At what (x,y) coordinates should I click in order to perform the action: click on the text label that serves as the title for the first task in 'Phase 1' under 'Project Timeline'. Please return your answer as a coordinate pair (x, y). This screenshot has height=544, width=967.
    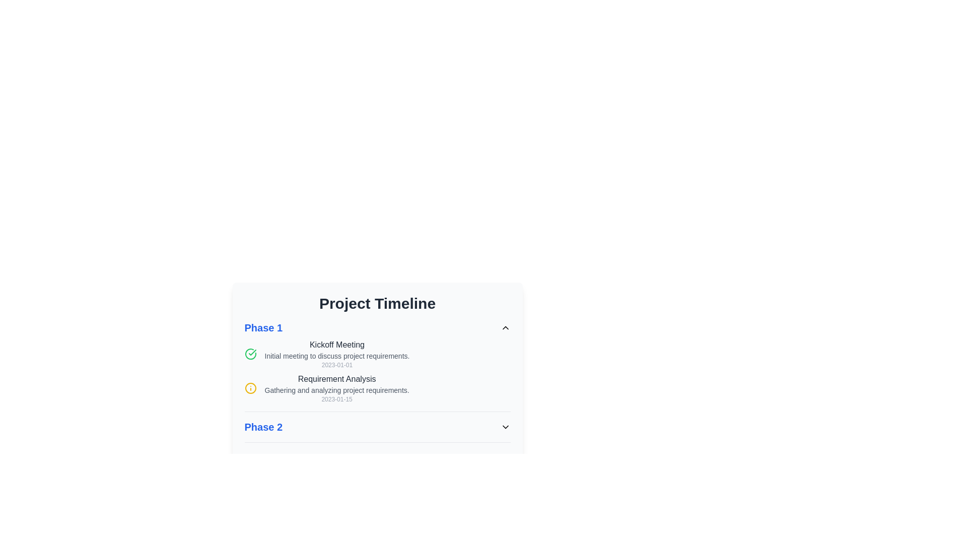
    Looking at the image, I should click on (337, 345).